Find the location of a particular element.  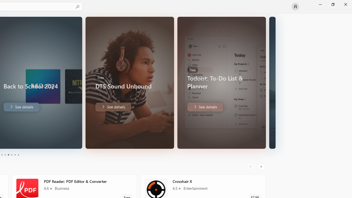

'Page 3' is located at coordinates (8, 155).